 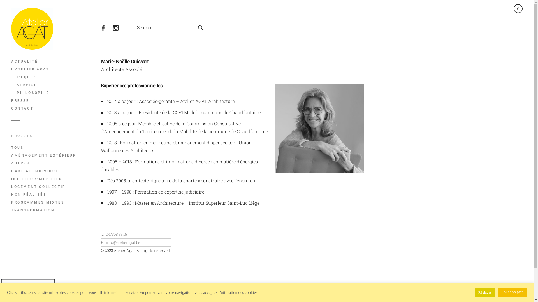 I want to click on 'LOGEMENT COLLECTIF', so click(x=54, y=187).